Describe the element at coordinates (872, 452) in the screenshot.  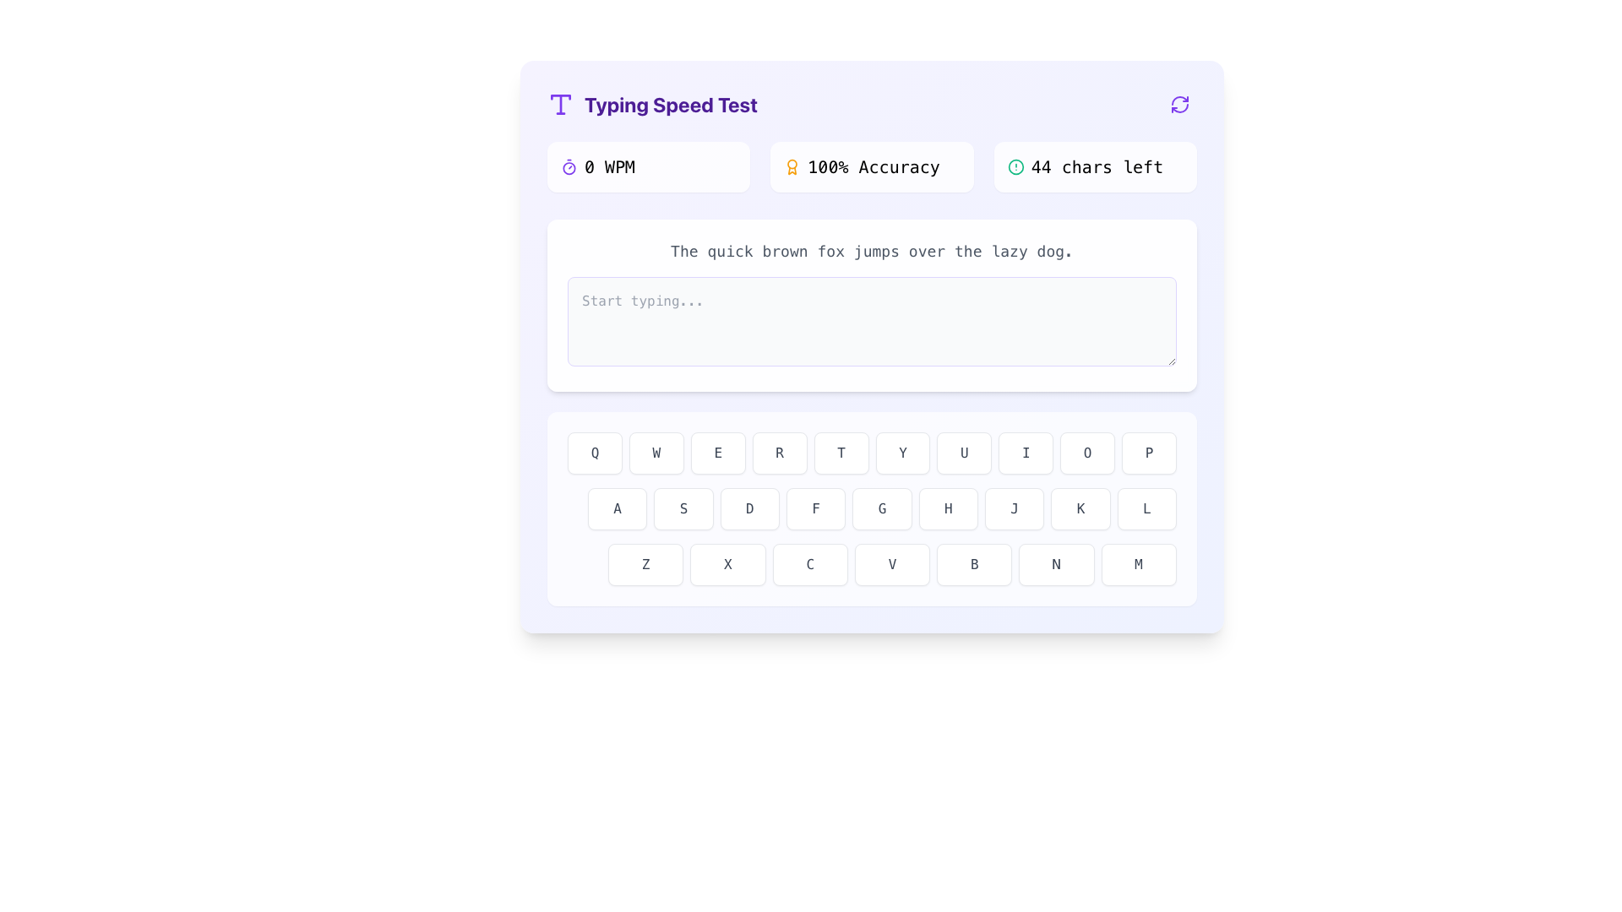
I see `the non-interactive keyboard key row element containing keys labeled Q, W, E, R, T, Y, U, I, O, P by moving the pointer to its center point` at that location.